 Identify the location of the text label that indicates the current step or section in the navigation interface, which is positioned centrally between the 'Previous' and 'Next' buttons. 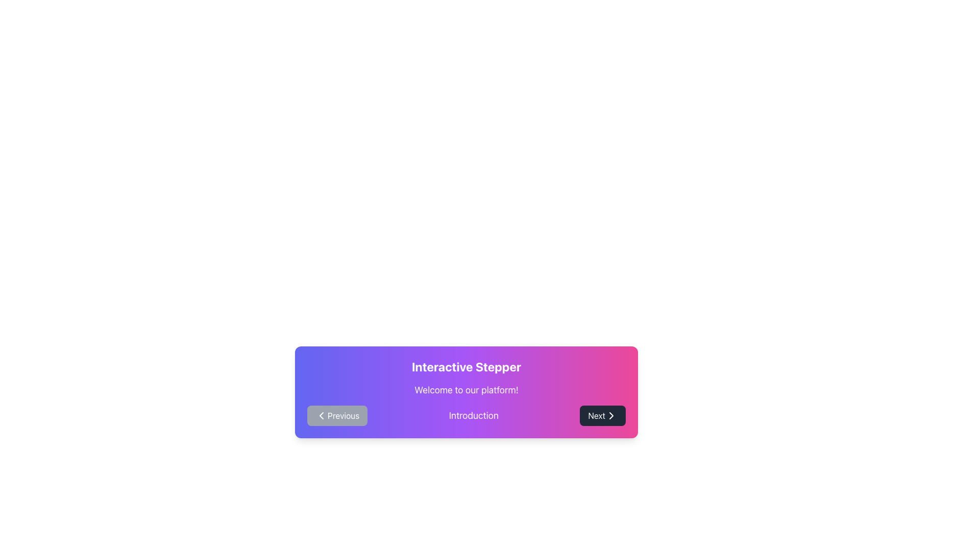
(473, 415).